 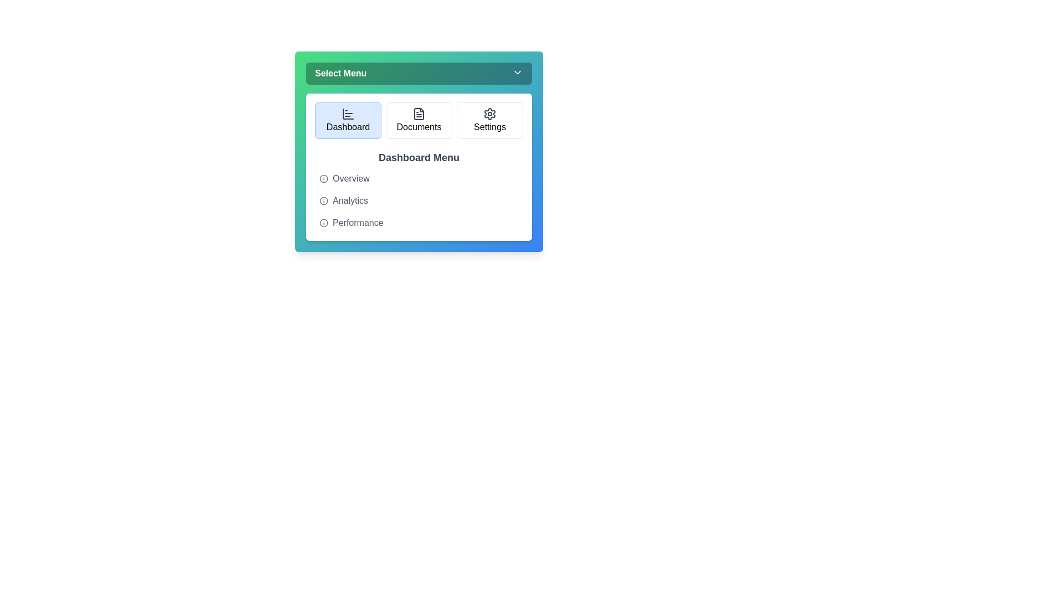 What do you see at coordinates (489, 114) in the screenshot?
I see `the gear-shaped settings icon located in the upper-right corner of the menu interface` at bounding box center [489, 114].